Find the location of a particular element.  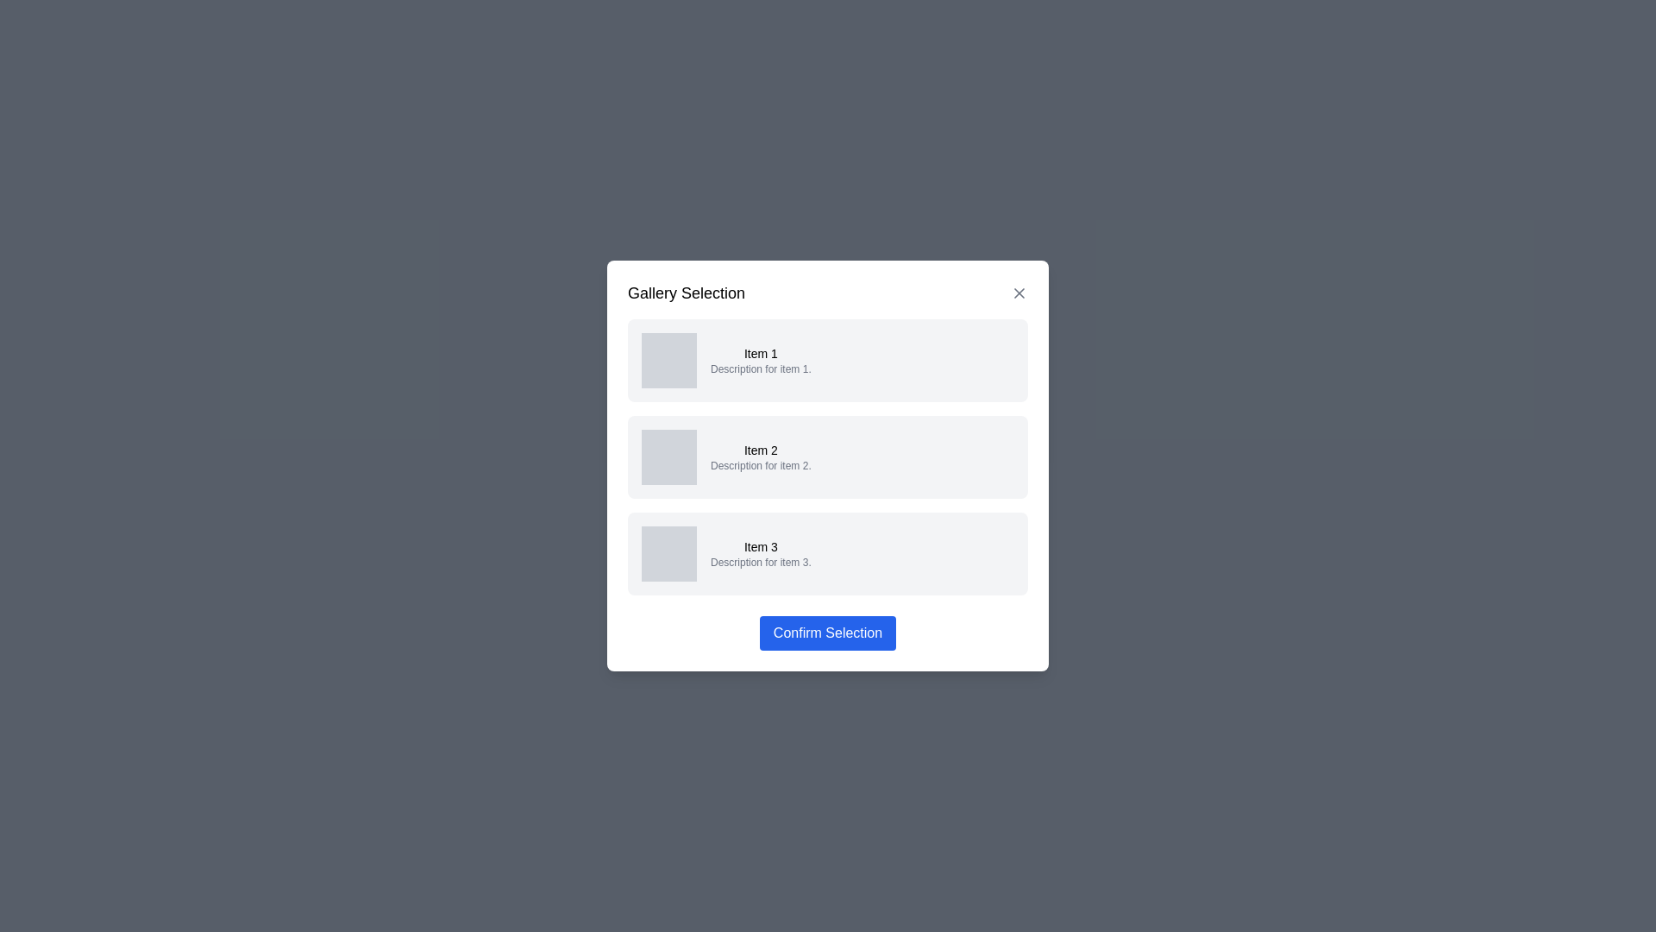

to select the third item labeled 'Item 3' in the vertically stacked gallery selection modal is located at coordinates (828, 553).